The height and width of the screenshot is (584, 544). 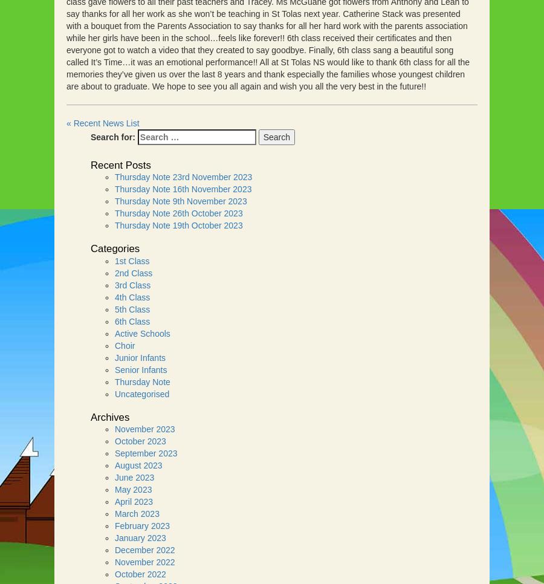 What do you see at coordinates (114, 176) in the screenshot?
I see `'Thursday Note 23rd November 2023'` at bounding box center [114, 176].